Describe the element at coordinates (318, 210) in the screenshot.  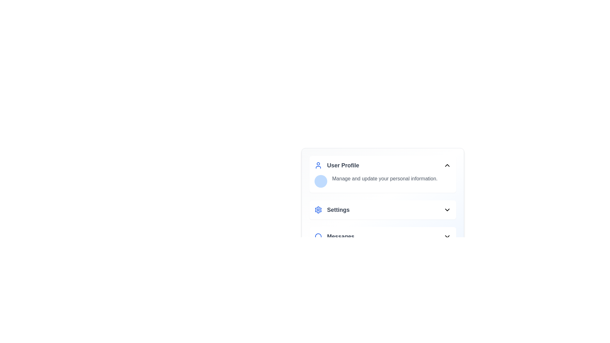
I see `the gear-shaped icon with a blue outline, which is centrally positioned within the gear and located to the left of the 'Settings' label in the menu section` at that location.